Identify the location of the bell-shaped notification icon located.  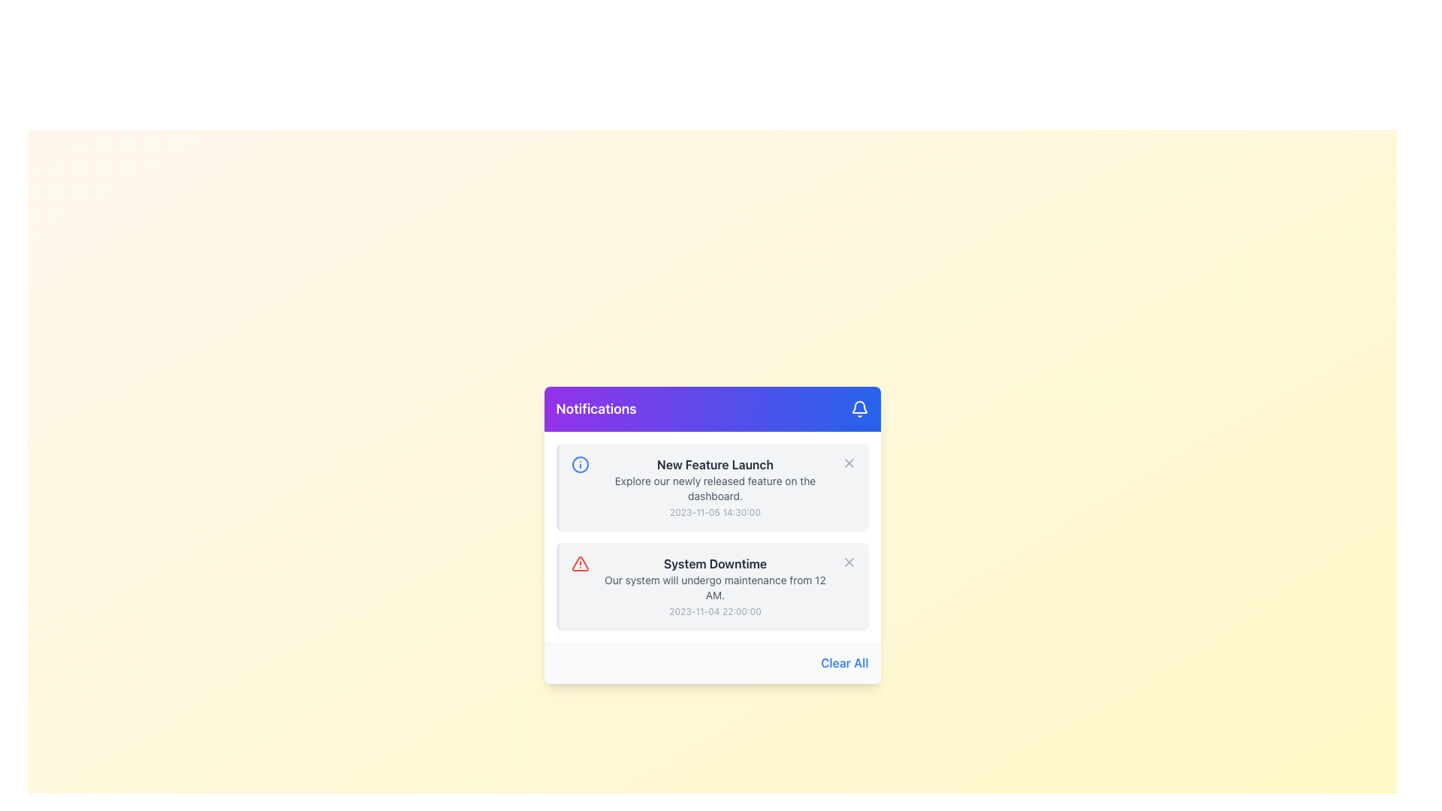
(858, 407).